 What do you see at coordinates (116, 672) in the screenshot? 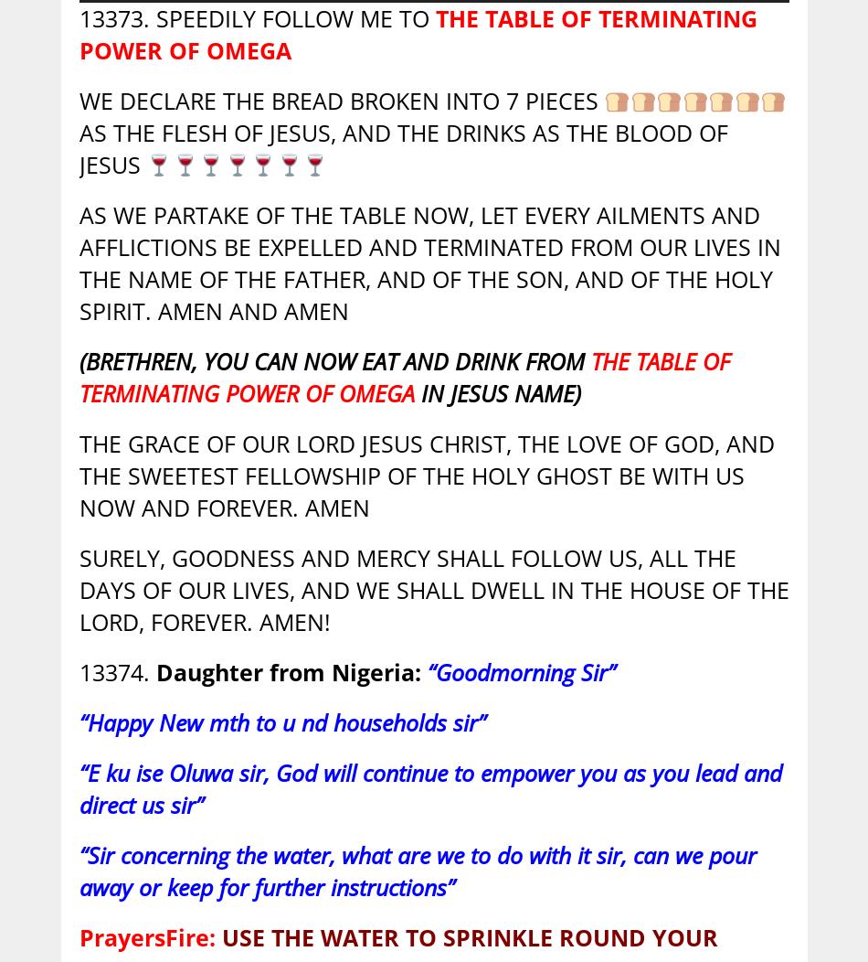
I see `'13374.'` at bounding box center [116, 672].